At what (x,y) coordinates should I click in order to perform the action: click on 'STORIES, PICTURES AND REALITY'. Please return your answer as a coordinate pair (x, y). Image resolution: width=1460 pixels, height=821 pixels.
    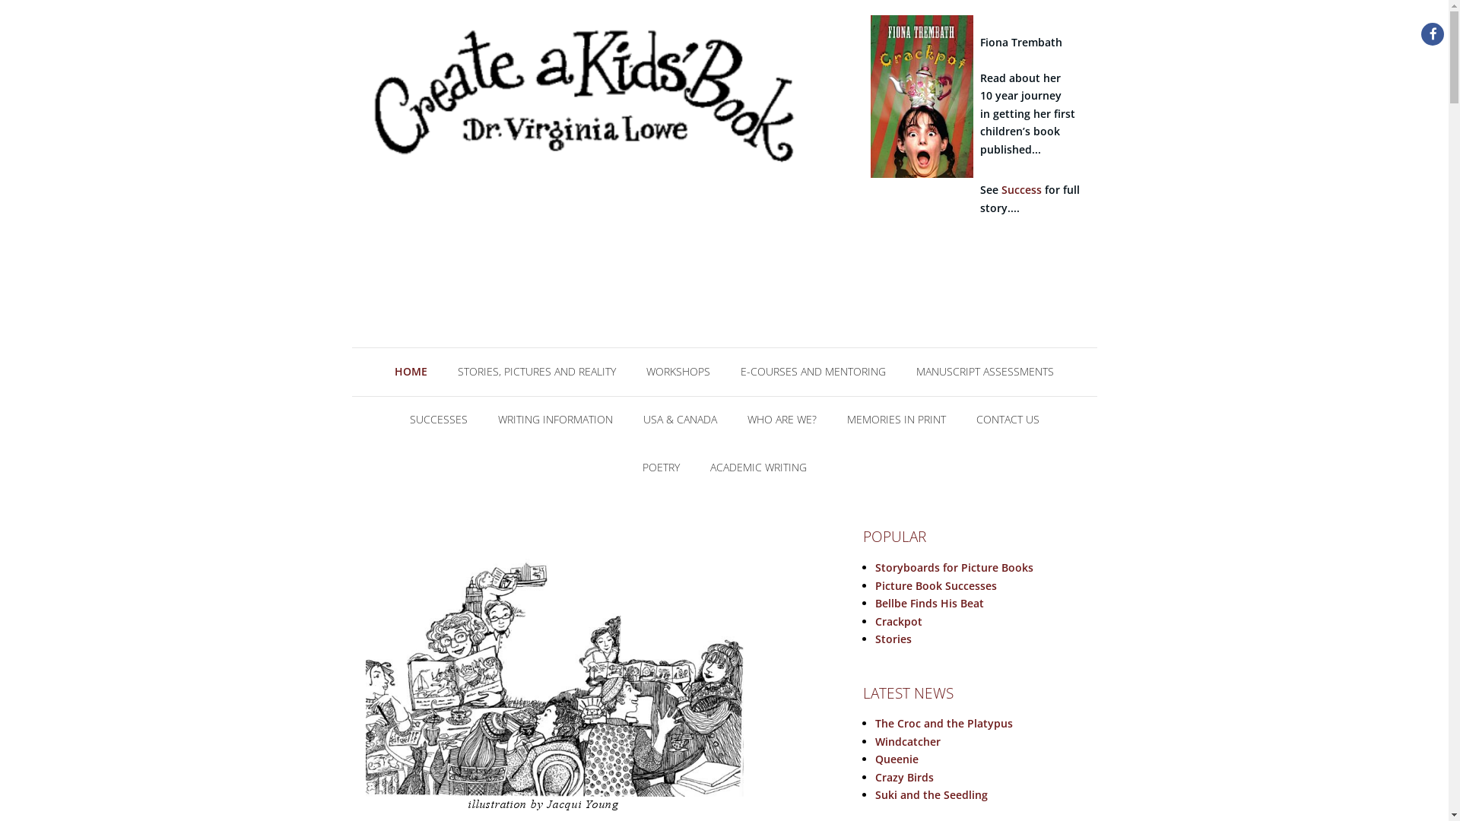
    Looking at the image, I should click on (441, 369).